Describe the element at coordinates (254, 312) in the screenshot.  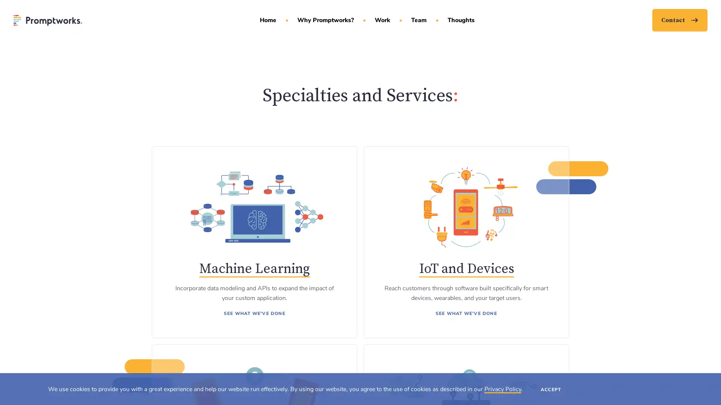
I see `SEE WHAT WE'VE DONE` at that location.